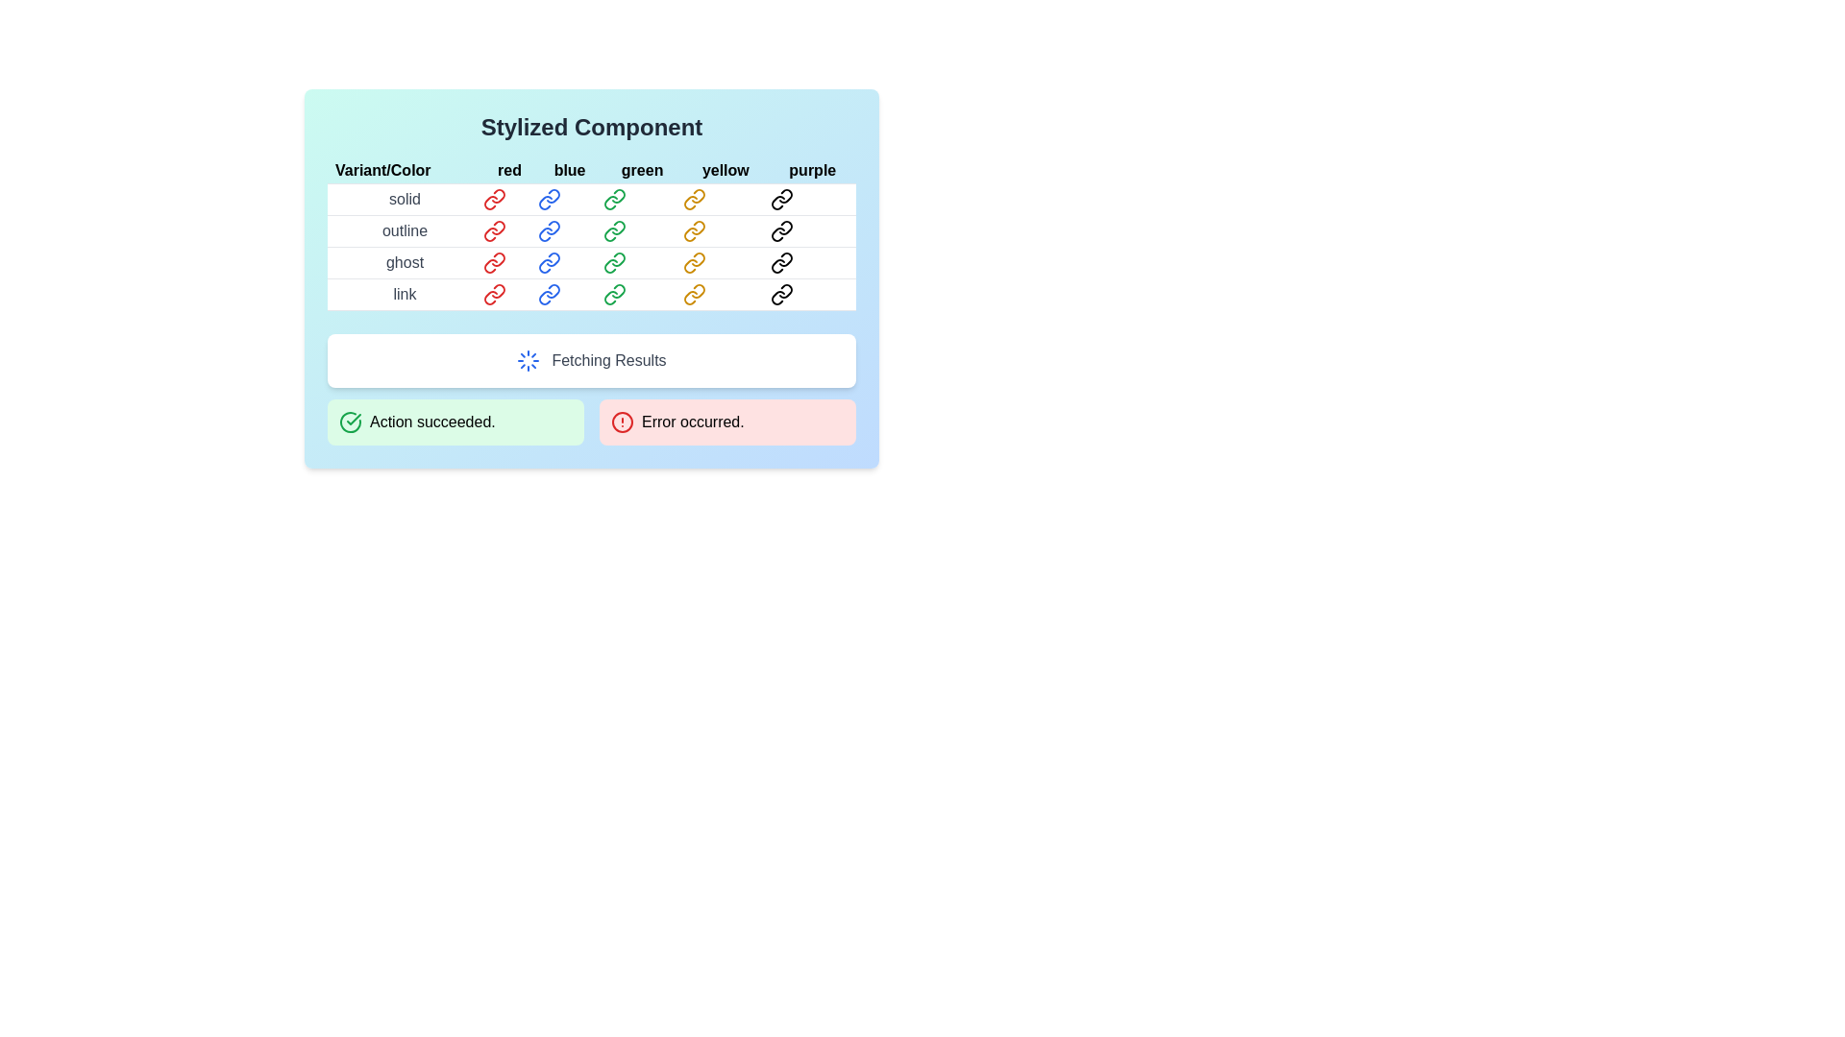  I want to click on the error message text label located in the lower right of the main interface, which provides immediate feedback about an error event, so click(692, 421).